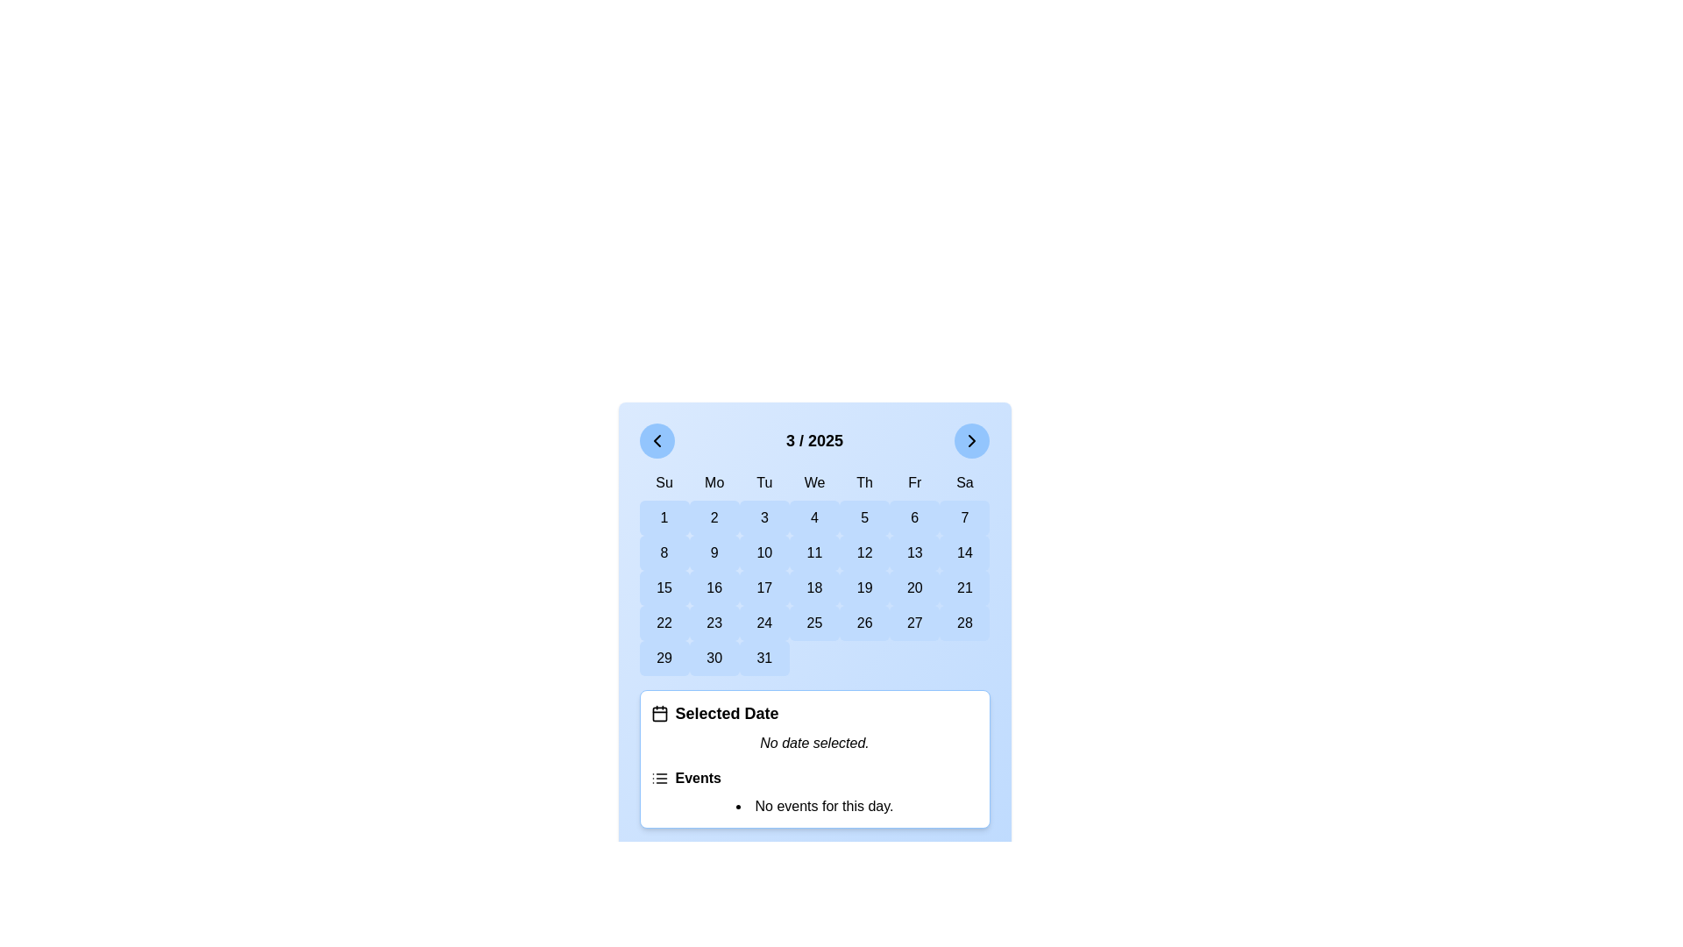  Describe the element at coordinates (764, 659) in the screenshot. I see `the button representing the date '31' in the bottom-right corner of the calendar grid` at that location.